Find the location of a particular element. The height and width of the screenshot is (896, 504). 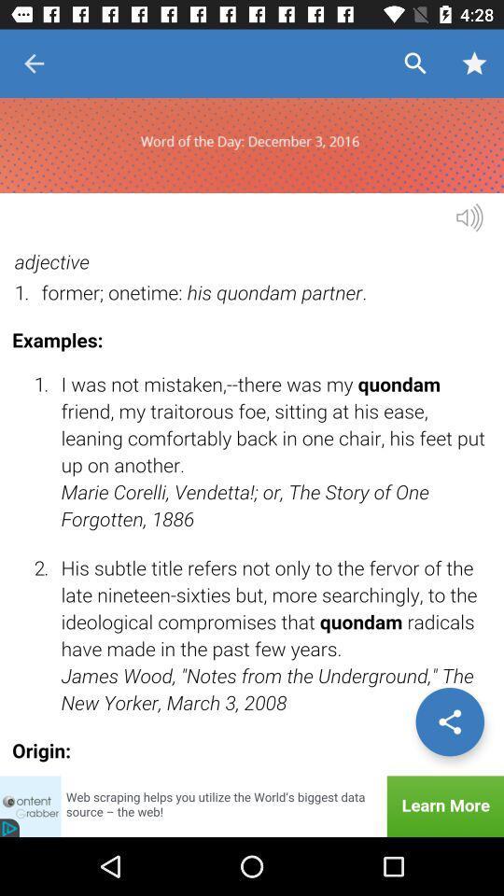

options/settings is located at coordinates (449, 721).